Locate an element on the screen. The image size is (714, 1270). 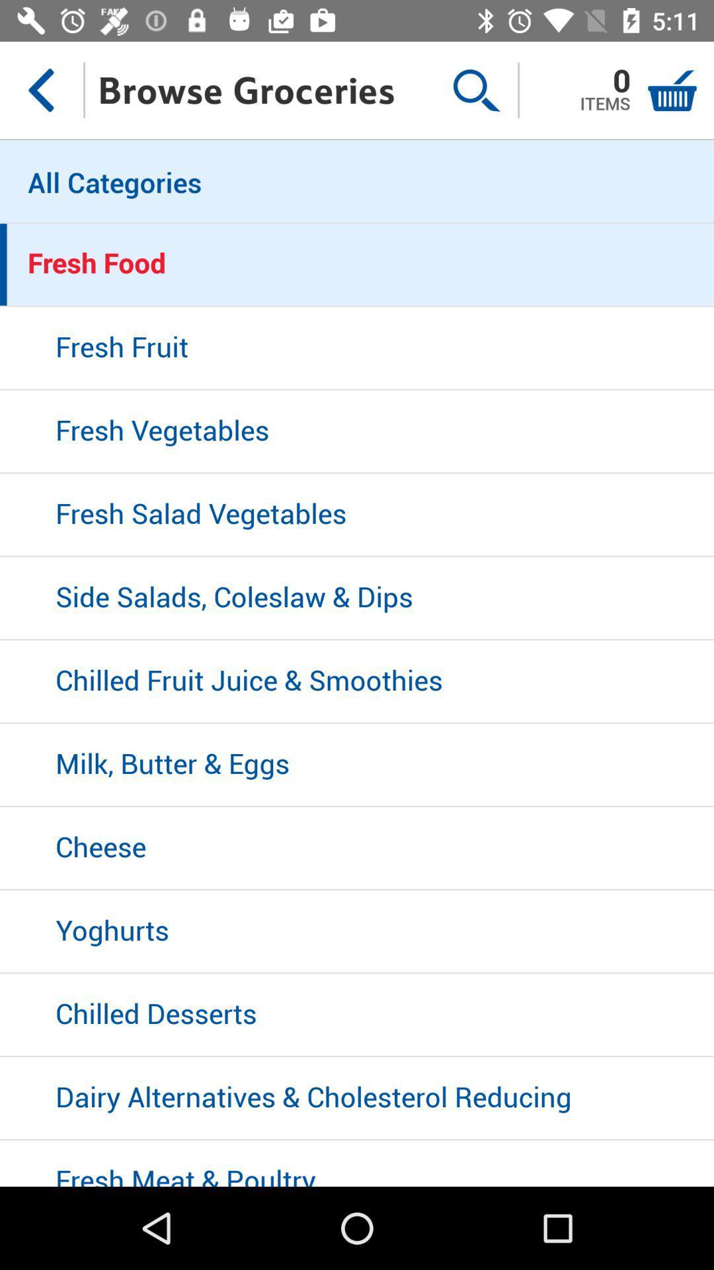
the item to the right of the browse groceries item is located at coordinates (476, 89).